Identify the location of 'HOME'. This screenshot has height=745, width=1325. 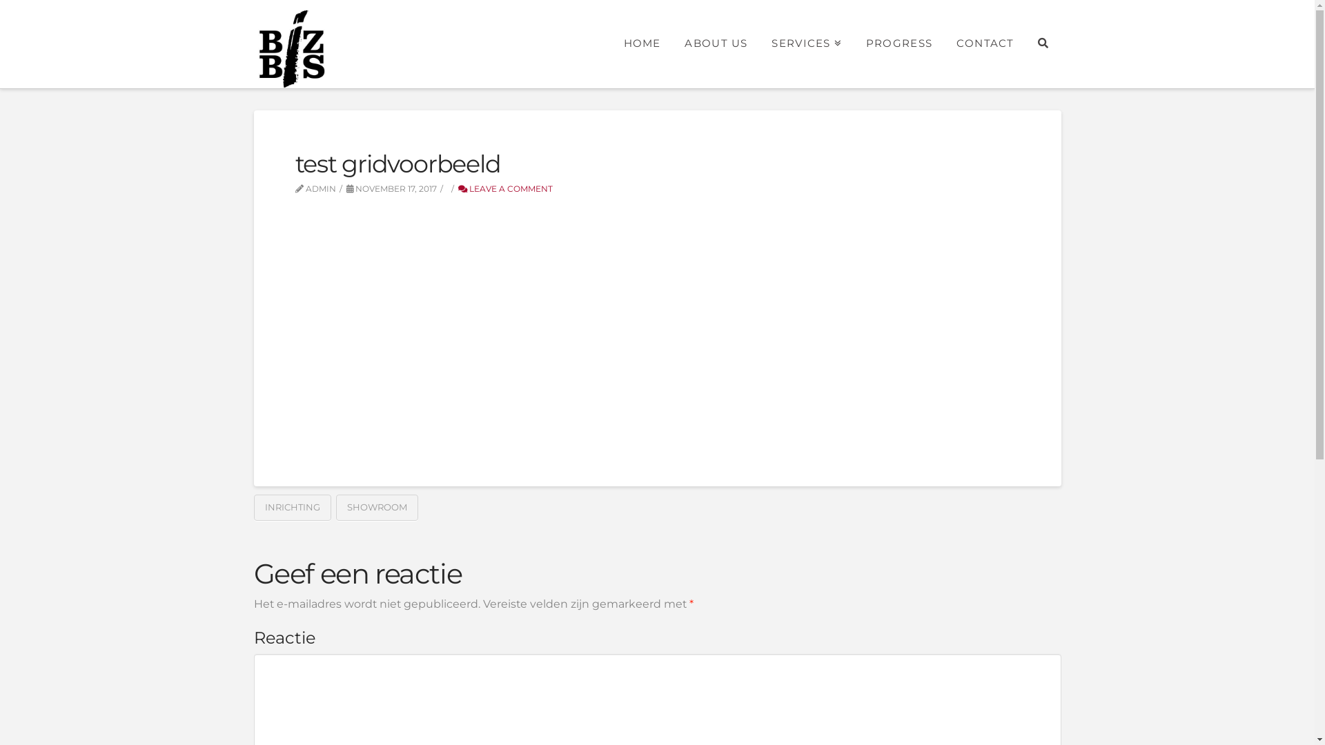
(641, 41).